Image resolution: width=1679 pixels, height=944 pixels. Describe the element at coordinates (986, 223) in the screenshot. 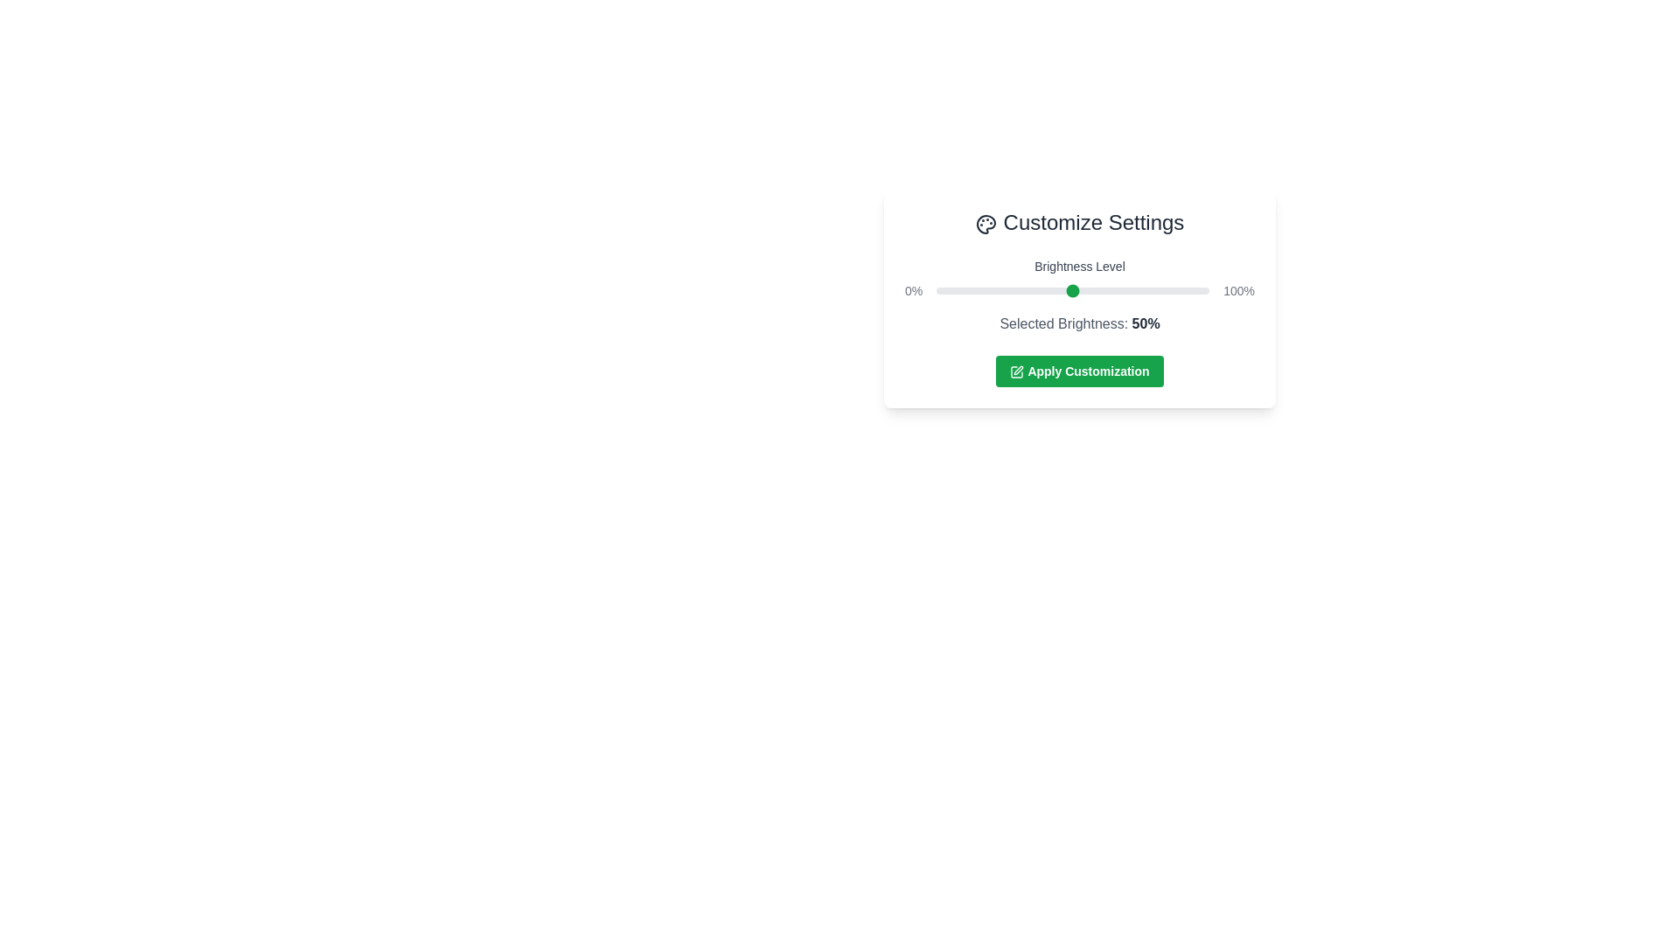

I see `the palette icon located next to the 'Customize Settings' heading, which features a circular design with small circular spots representing paint colors` at that location.